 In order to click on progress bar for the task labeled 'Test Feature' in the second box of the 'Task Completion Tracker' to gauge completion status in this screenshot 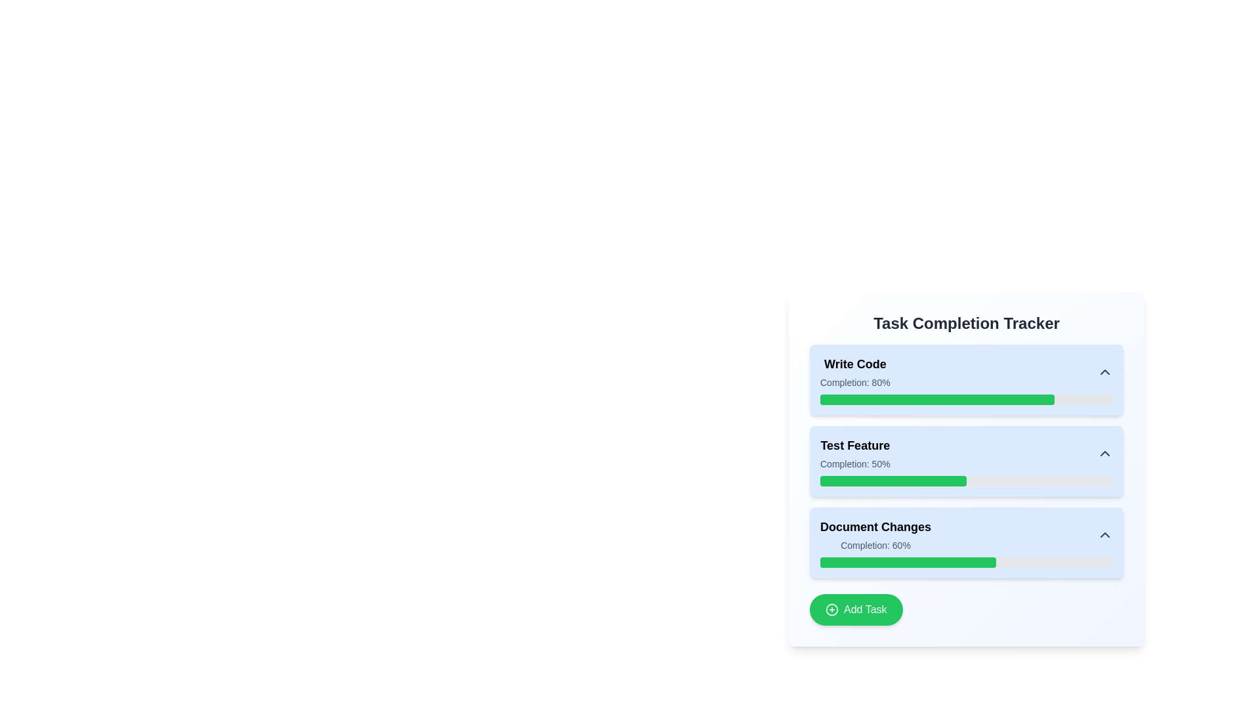, I will do `click(967, 460)`.